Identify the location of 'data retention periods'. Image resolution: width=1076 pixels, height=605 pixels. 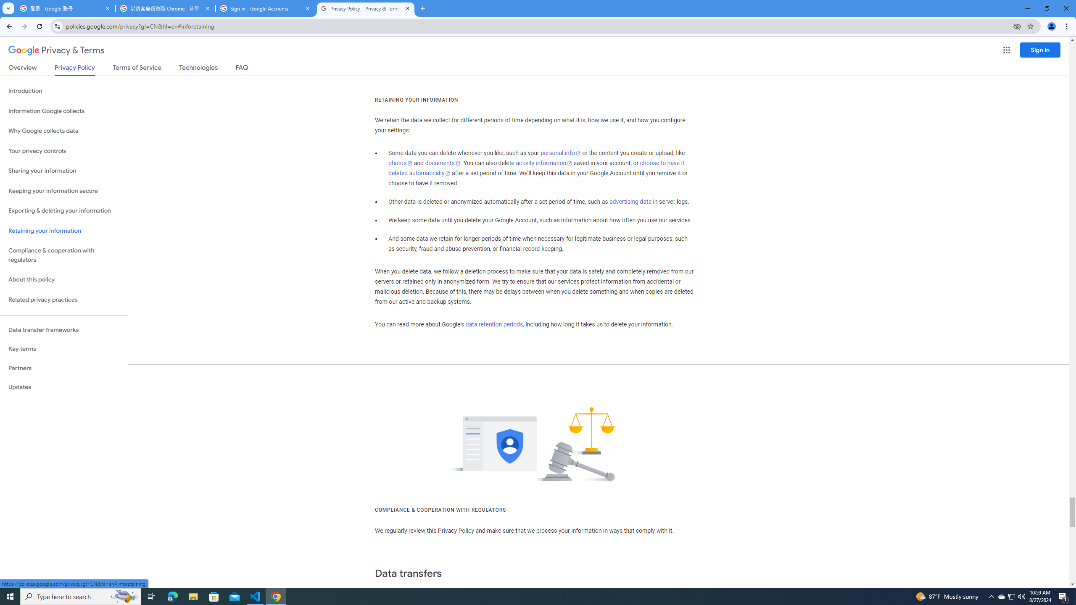
(493, 325).